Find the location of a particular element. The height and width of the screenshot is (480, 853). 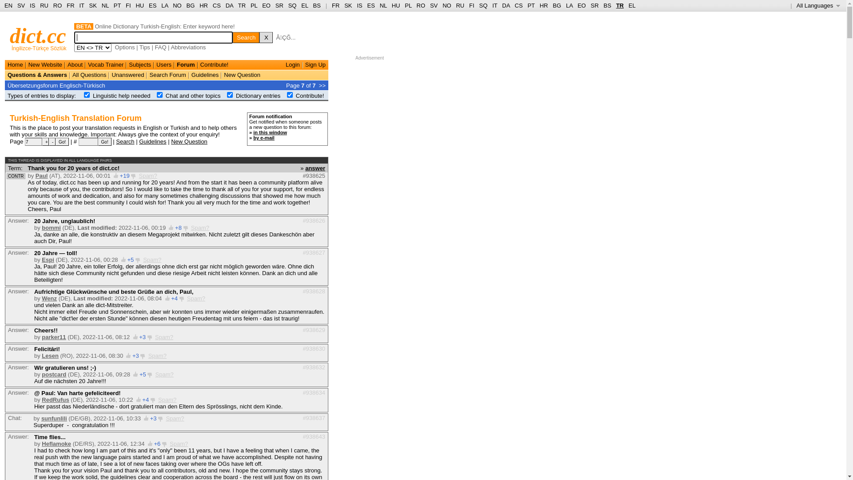

'Lesen' is located at coordinates (50, 355).